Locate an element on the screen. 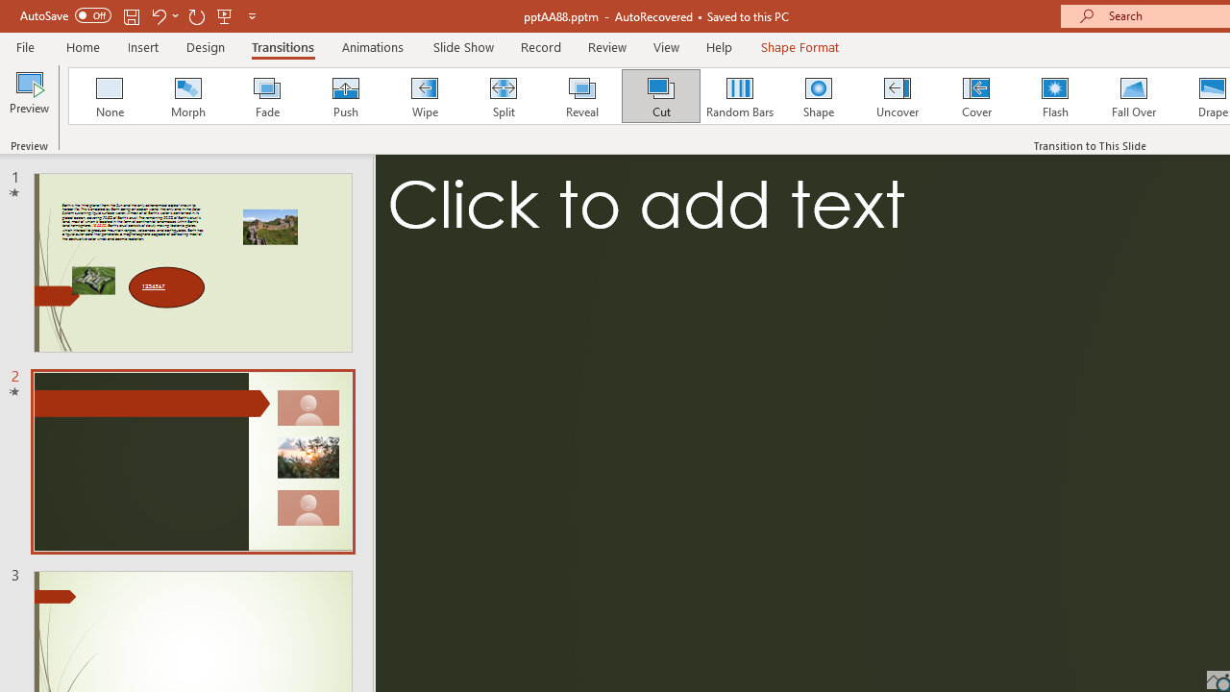 Image resolution: width=1230 pixels, height=692 pixels. 'Reveal' is located at coordinates (580, 96).